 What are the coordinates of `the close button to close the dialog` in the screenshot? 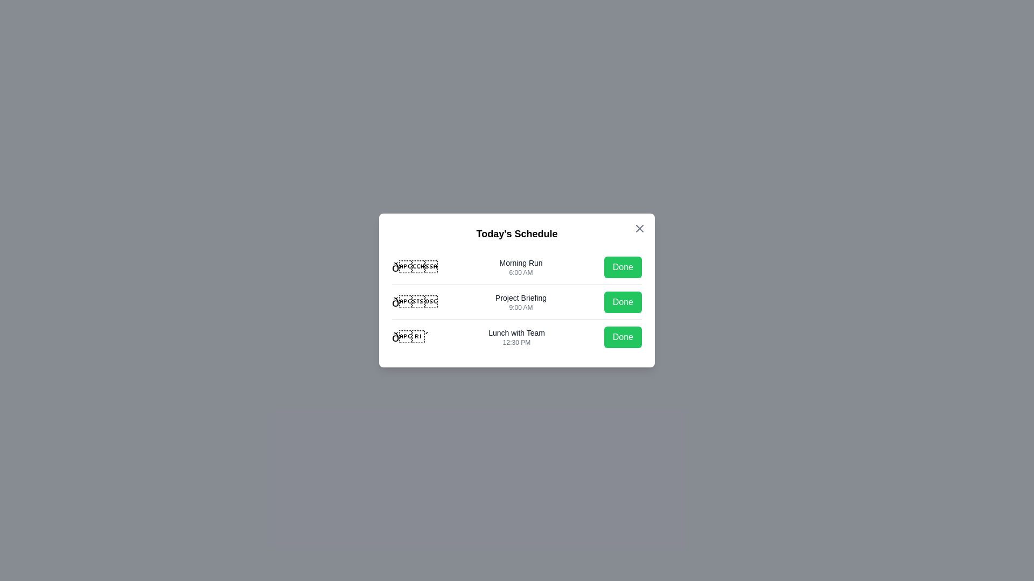 It's located at (640, 228).